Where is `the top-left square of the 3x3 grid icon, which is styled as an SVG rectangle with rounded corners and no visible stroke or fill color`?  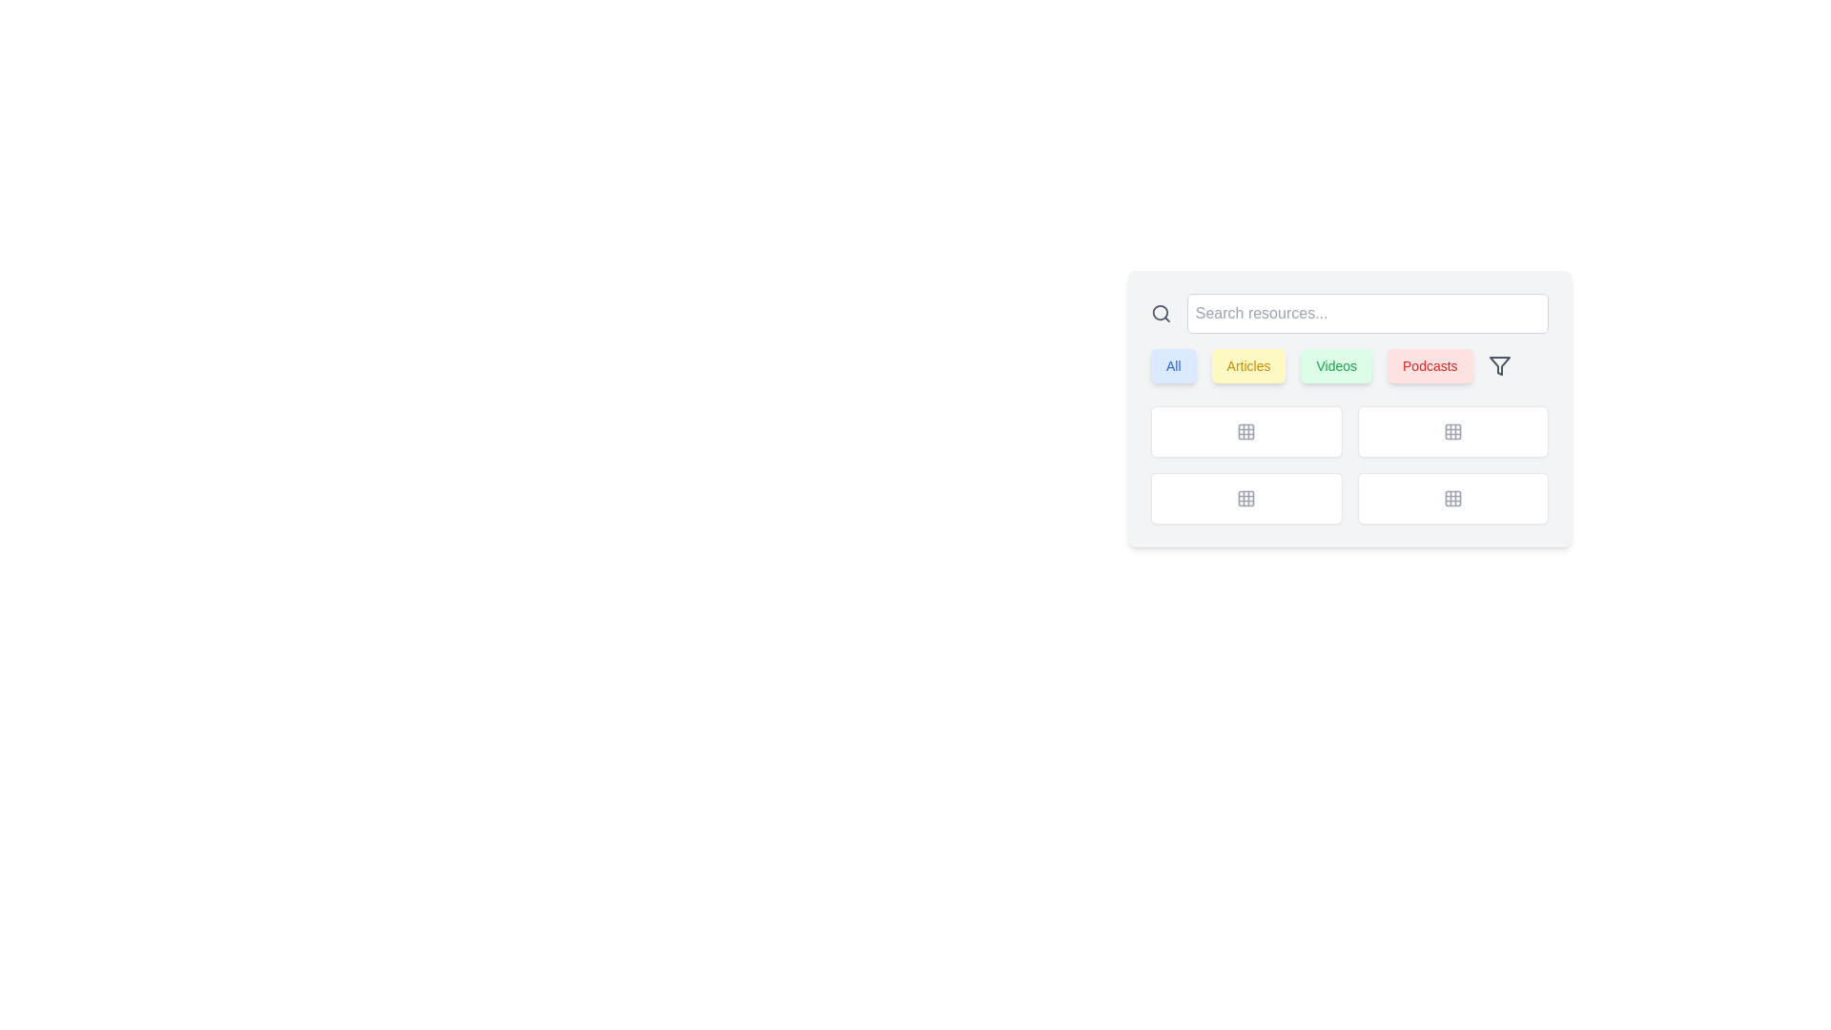 the top-left square of the 3x3 grid icon, which is styled as an SVG rectangle with rounded corners and no visible stroke or fill color is located at coordinates (1246, 498).